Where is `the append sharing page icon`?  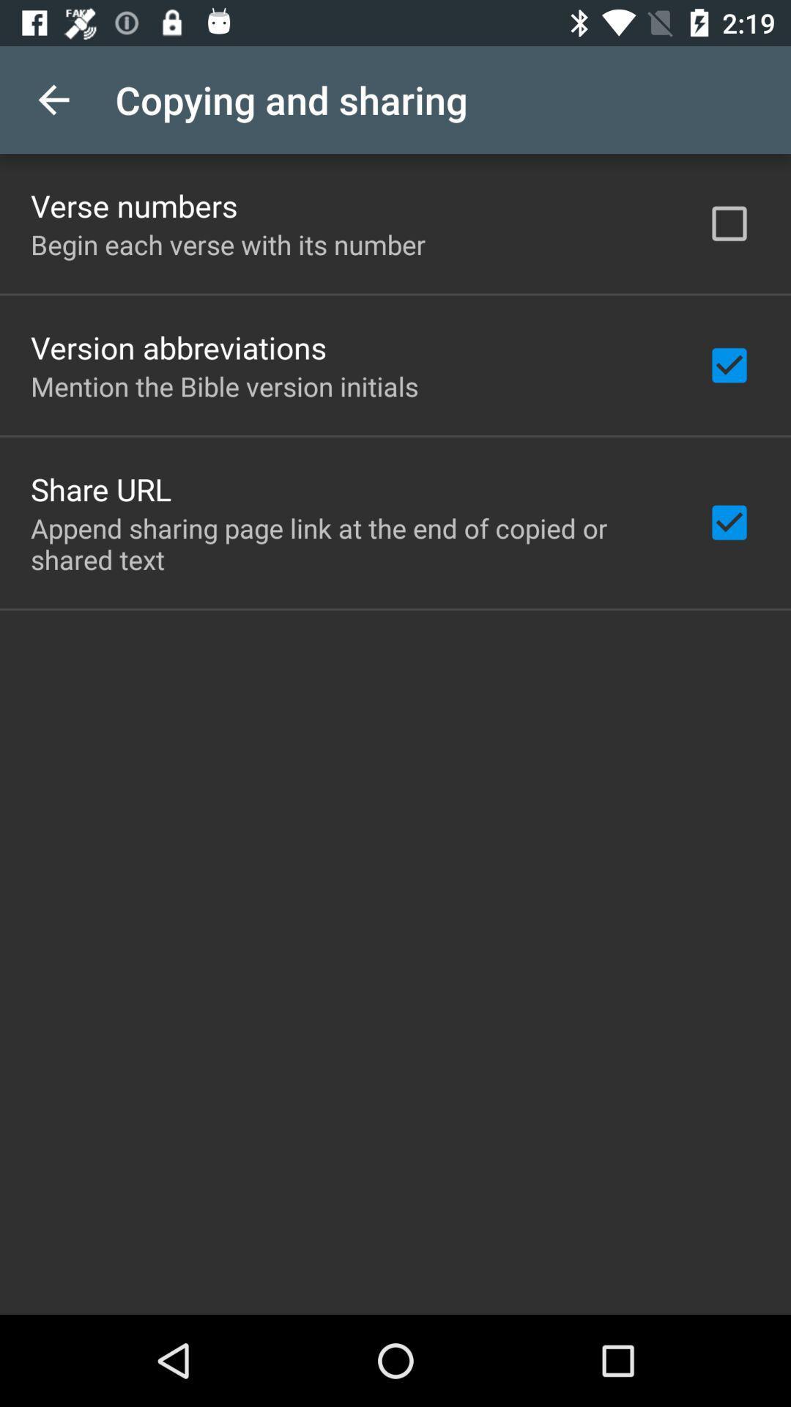 the append sharing page icon is located at coordinates (349, 543).